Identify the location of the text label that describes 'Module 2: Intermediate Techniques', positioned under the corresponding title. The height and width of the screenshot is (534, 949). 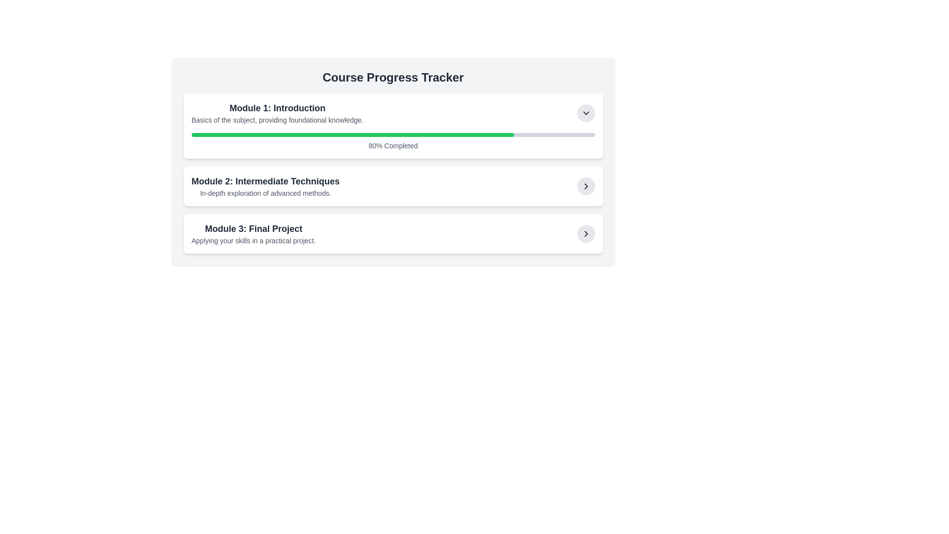
(265, 193).